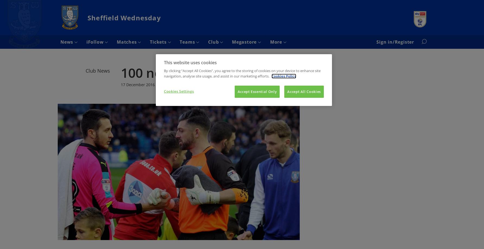  Describe the element at coordinates (395, 42) in the screenshot. I see `'Sign in/Register'` at that location.